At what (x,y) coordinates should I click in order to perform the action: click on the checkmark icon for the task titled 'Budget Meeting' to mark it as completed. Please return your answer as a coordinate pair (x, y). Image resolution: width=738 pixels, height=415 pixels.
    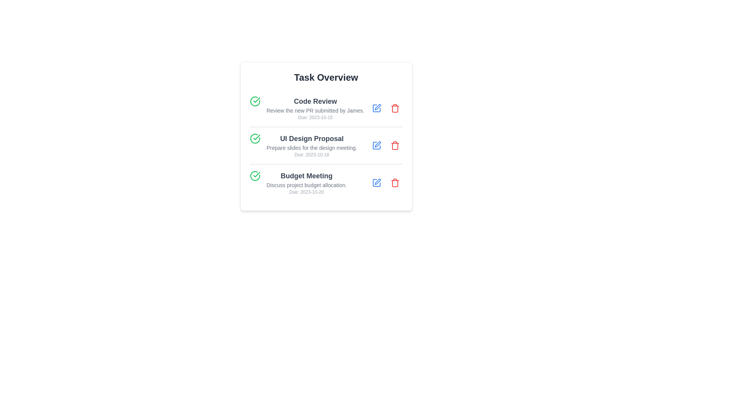
    Looking at the image, I should click on (255, 176).